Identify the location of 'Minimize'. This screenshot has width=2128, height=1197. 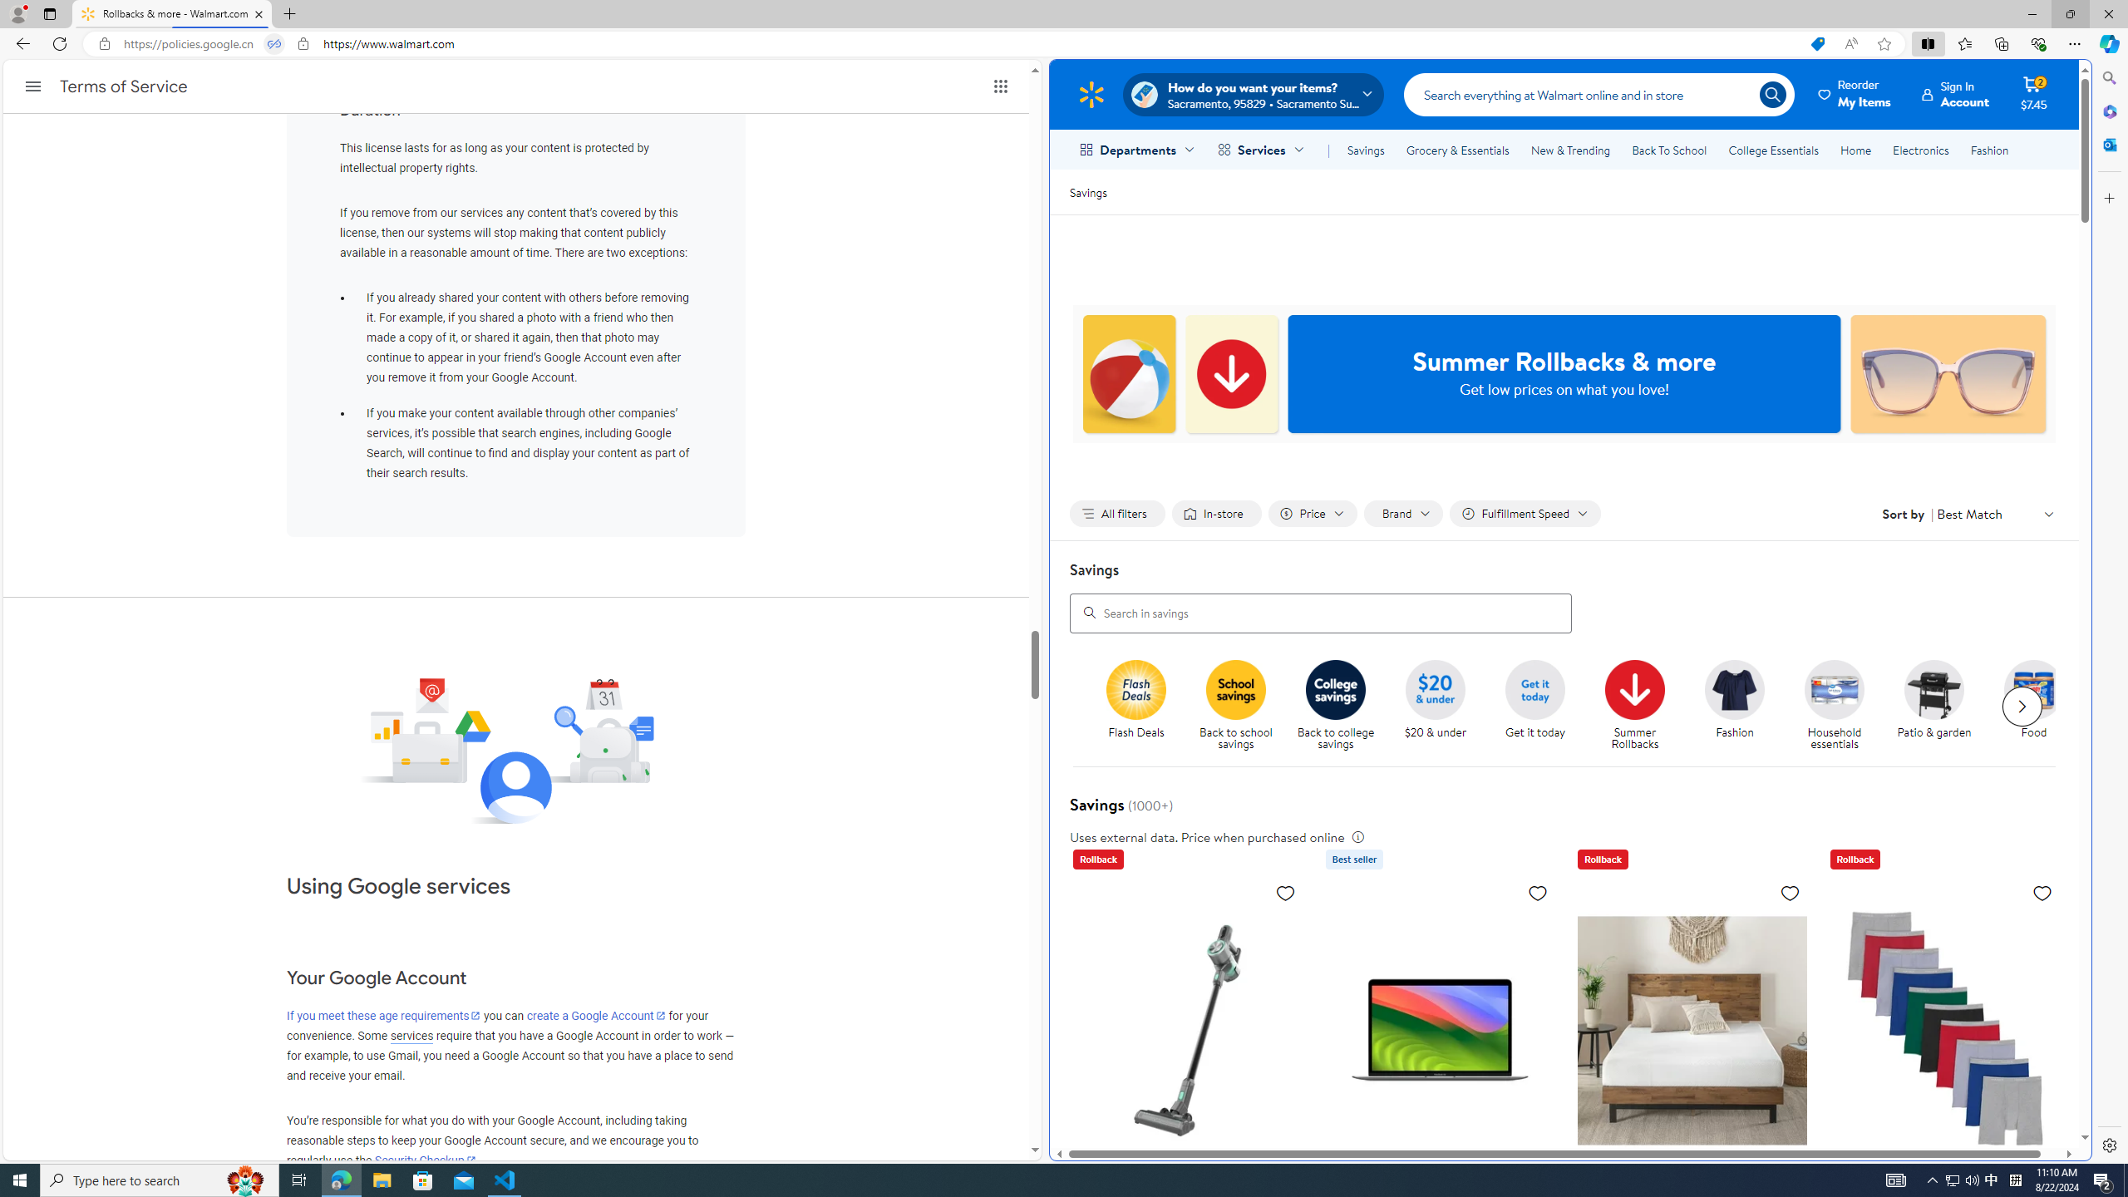
(2031, 13).